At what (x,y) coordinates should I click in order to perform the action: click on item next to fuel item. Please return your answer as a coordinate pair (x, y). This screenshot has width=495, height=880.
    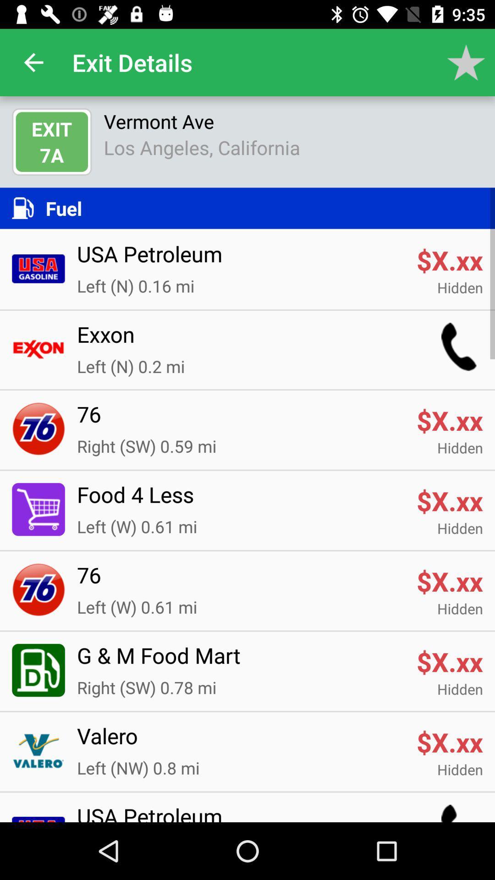
    Looking at the image, I should click on (28, 208).